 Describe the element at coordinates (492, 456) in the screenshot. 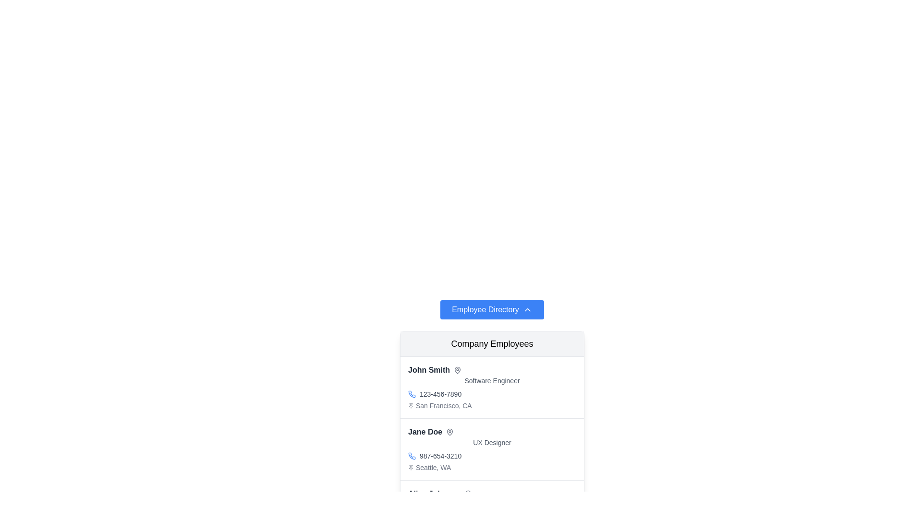

I see `the contact information display element for 'Jane Doe', which is located under the job title 'UX Designer' in the employee card` at that location.